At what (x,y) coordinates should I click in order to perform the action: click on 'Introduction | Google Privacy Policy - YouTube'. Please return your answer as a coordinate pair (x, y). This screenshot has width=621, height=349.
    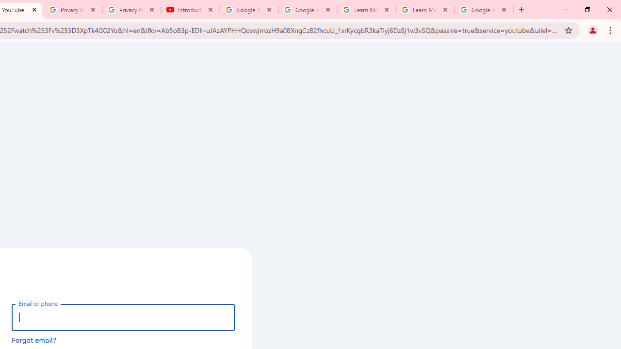
    Looking at the image, I should click on (190, 10).